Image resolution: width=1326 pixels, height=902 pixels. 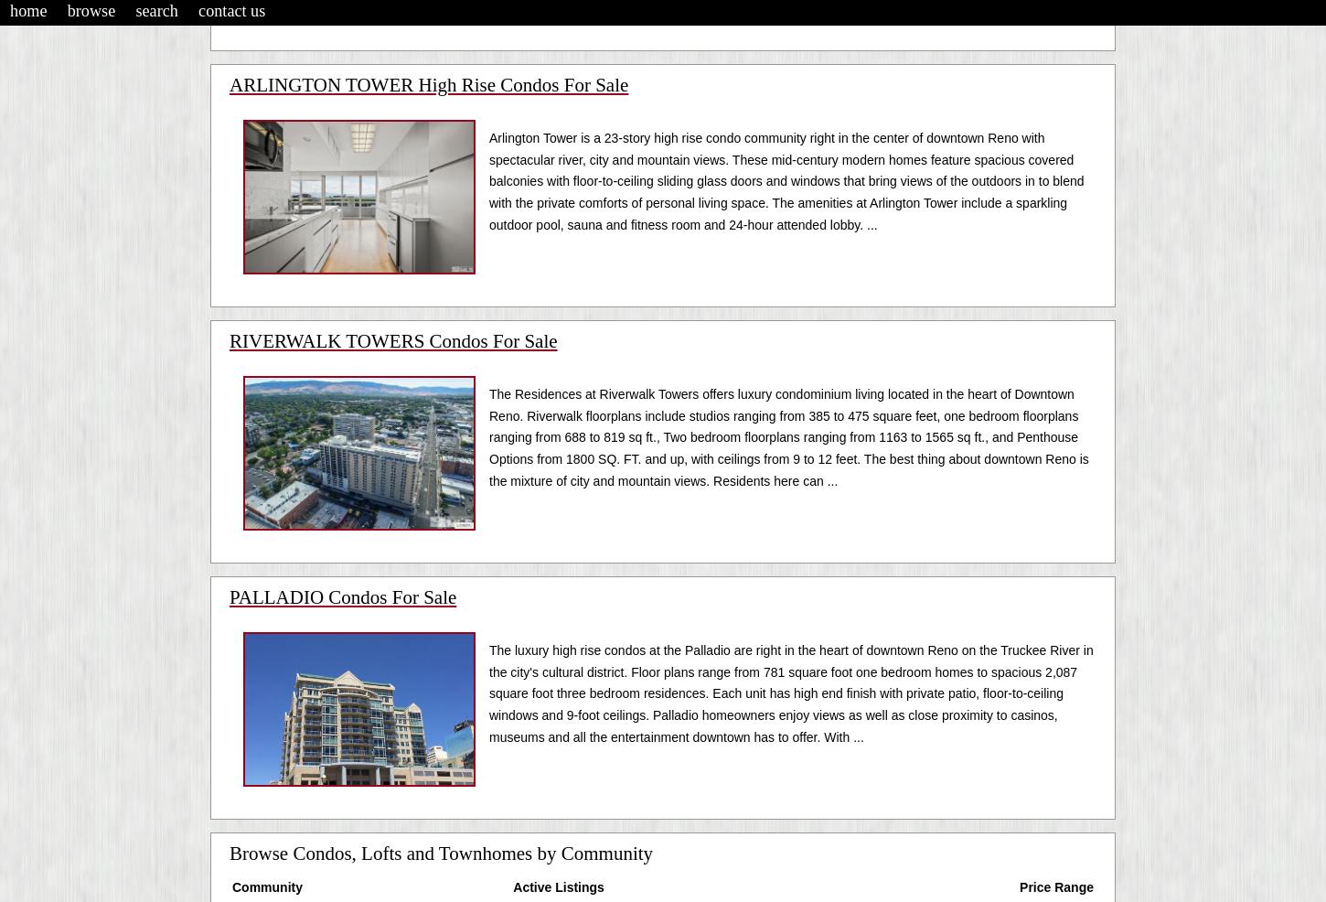 I want to click on 'Arlington Tower is a 23-story high rise condo community right in the center of downtown Reno with spectacular river, city and mountain views. These mid-century modern homes feature spacious covered balconies with floor-to-ceiling sliding glass doors and windows that bring views of the outdoors in to blend with the private comforts of personal living space. 

The amenities at Arlington Tower include a sparkling outdoor pool, sauna and fitness room and 24-hour attended lobby. ...', so click(x=785, y=179).